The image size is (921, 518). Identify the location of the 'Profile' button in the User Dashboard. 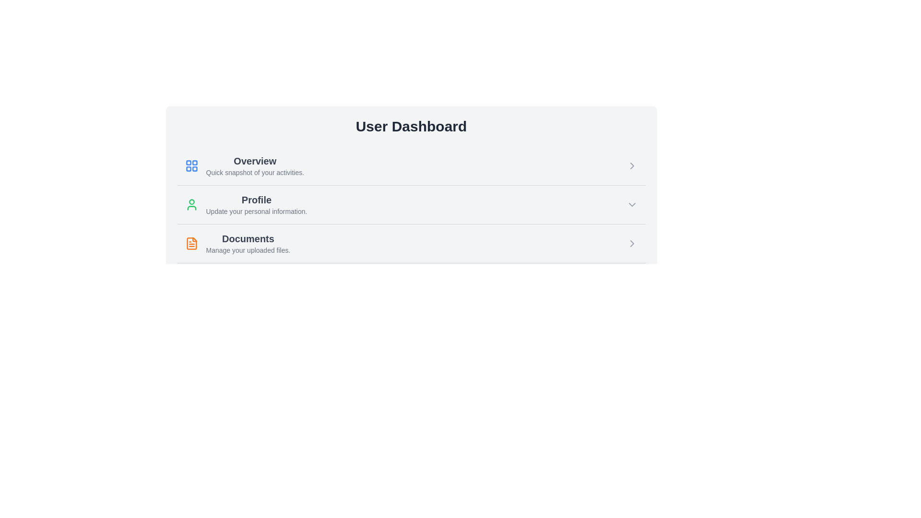
(411, 204).